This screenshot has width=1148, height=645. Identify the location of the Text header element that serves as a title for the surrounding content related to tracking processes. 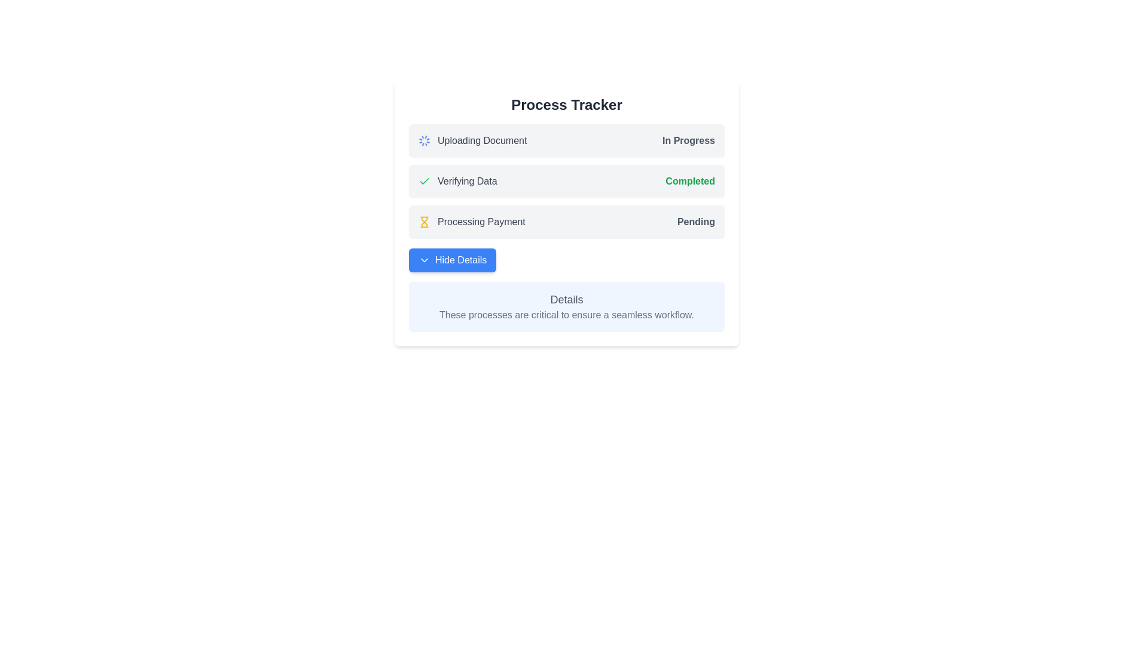
(566, 105).